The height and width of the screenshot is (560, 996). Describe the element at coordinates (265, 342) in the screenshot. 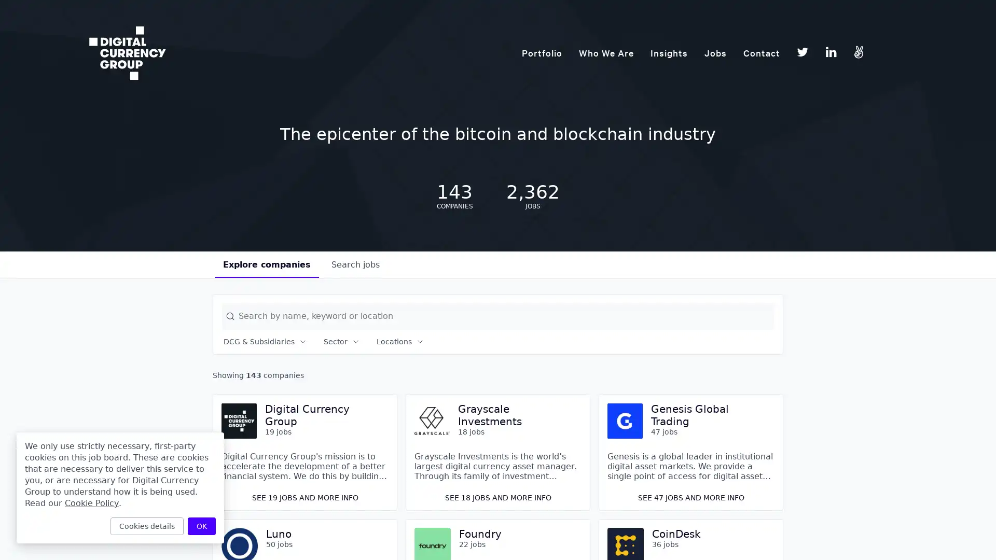

I see `DCG & Subsidiaries` at that location.